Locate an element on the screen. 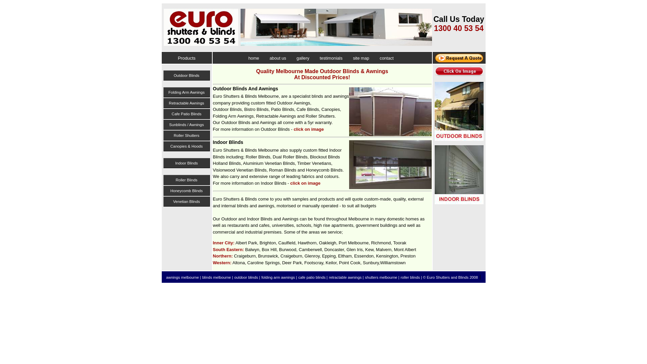 The width and height of the screenshot is (647, 364). 'Indoor Blinds' is located at coordinates (186, 163).